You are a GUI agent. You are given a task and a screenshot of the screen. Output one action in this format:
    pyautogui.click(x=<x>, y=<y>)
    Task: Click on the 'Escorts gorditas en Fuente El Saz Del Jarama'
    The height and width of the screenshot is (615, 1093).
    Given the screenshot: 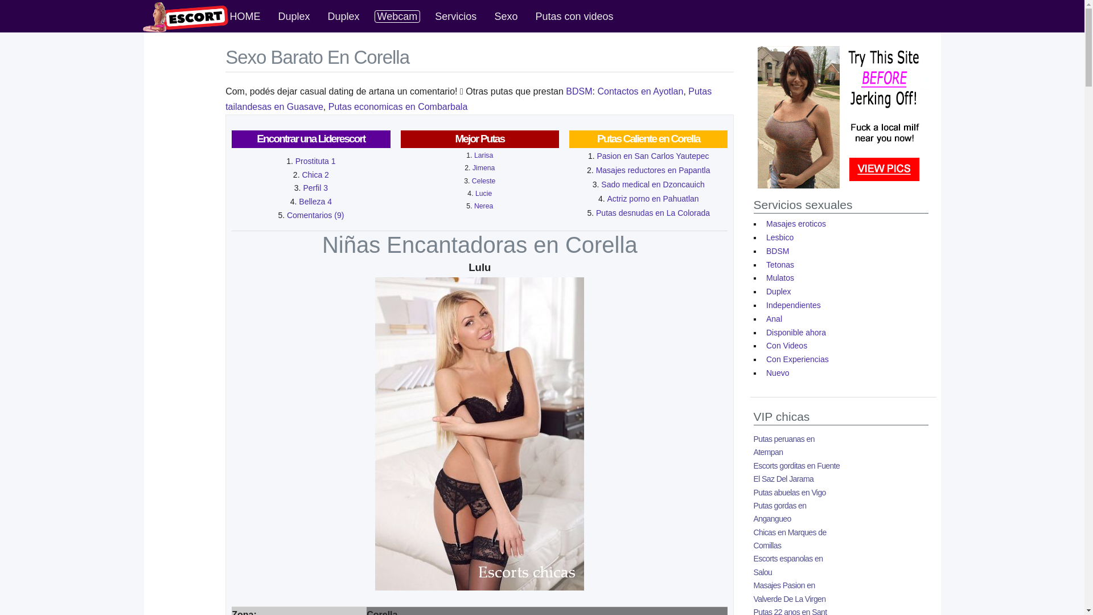 What is the action you would take?
    pyautogui.click(x=796, y=472)
    